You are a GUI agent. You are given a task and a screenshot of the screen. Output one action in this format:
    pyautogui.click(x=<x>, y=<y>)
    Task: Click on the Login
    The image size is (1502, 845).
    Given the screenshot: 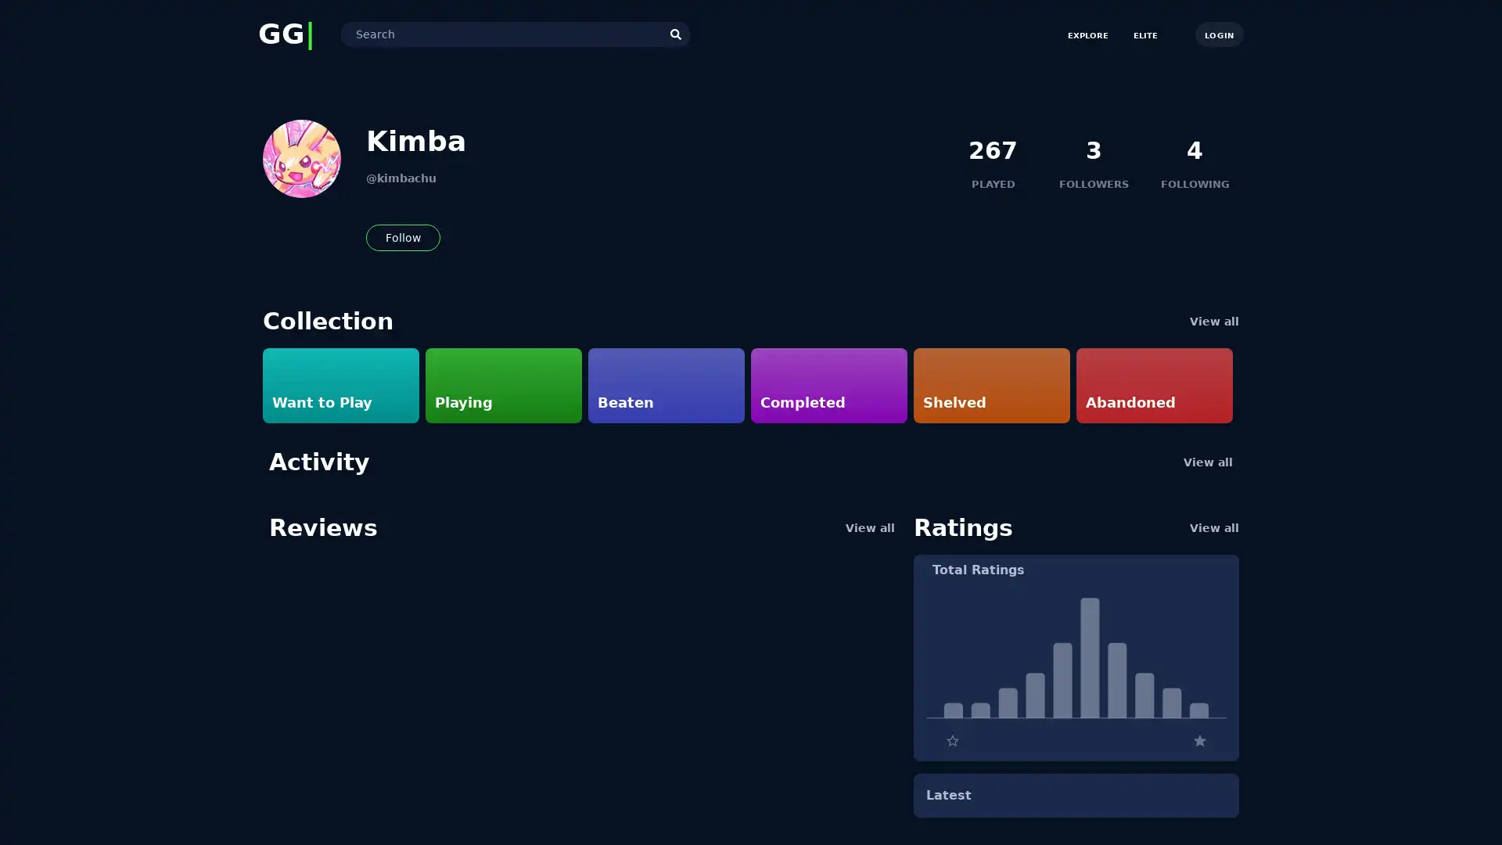 What is the action you would take?
    pyautogui.click(x=1218, y=34)
    